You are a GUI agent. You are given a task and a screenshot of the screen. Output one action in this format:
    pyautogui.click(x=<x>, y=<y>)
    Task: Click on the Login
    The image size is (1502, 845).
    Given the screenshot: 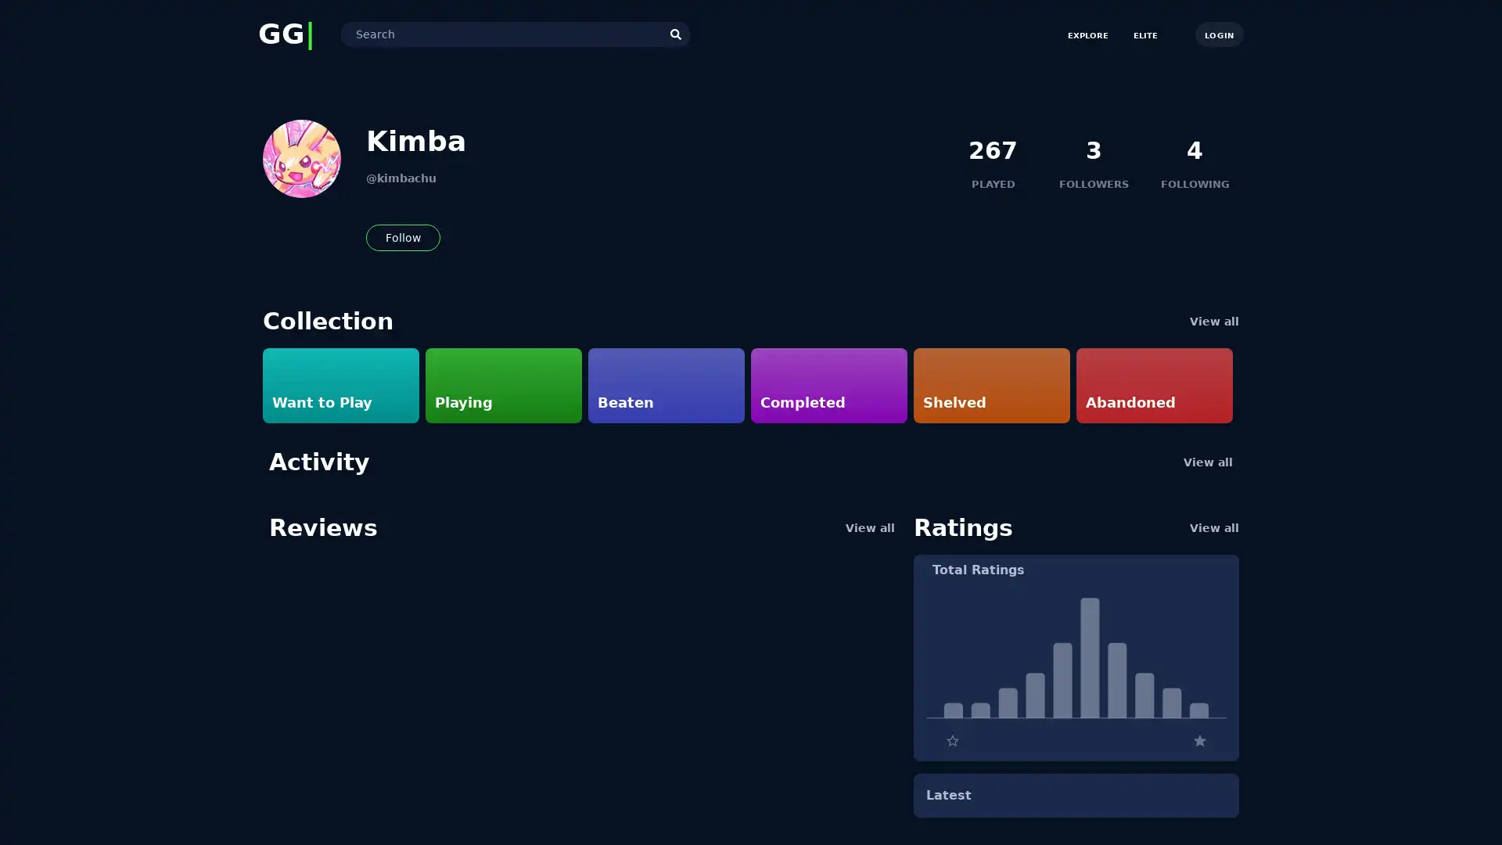 What is the action you would take?
    pyautogui.click(x=1218, y=34)
    